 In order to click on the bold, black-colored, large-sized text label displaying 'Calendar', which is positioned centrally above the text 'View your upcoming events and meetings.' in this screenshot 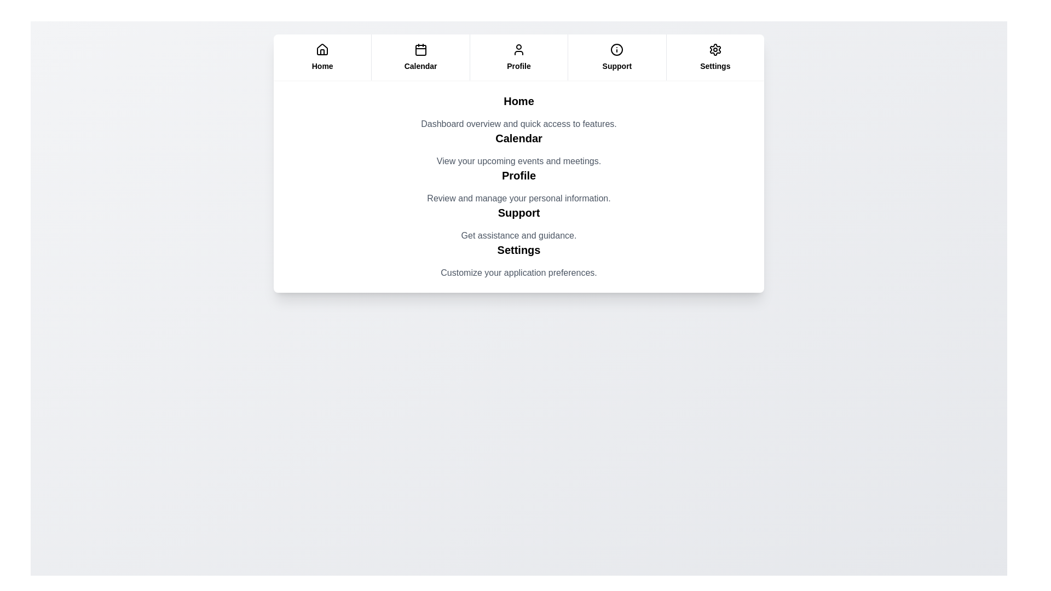, I will do `click(518, 138)`.